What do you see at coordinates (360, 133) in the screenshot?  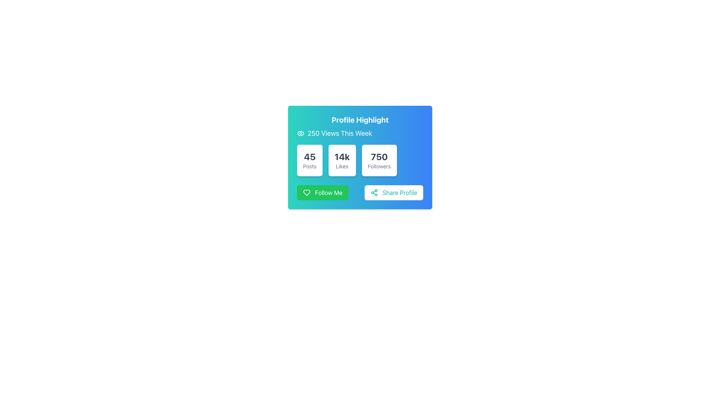 I see `the '250 Views This Week' text label with an eye icon located within the 'Profile Highlight' card component` at bounding box center [360, 133].